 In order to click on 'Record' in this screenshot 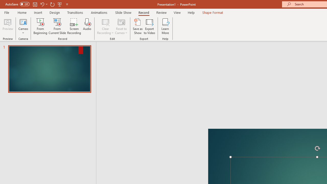, I will do `click(143, 12)`.